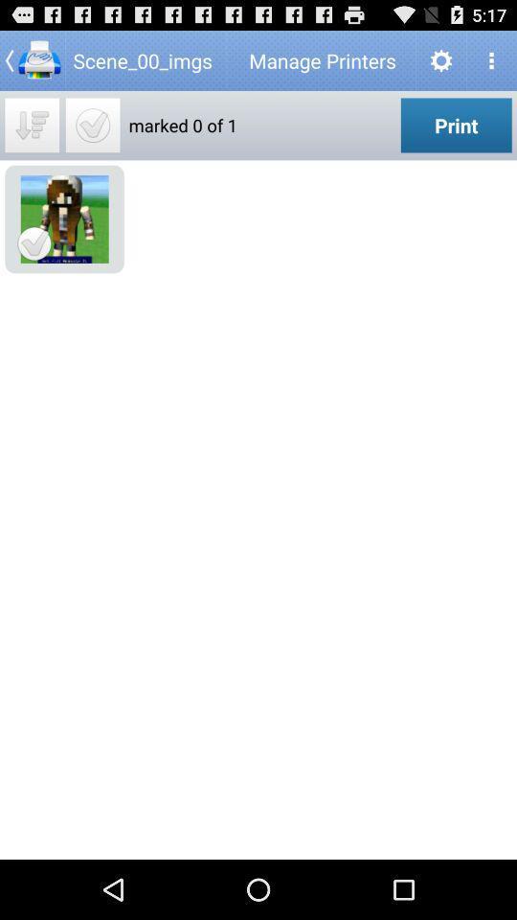 Image resolution: width=517 pixels, height=920 pixels. What do you see at coordinates (31, 124) in the screenshot?
I see `mark all` at bounding box center [31, 124].